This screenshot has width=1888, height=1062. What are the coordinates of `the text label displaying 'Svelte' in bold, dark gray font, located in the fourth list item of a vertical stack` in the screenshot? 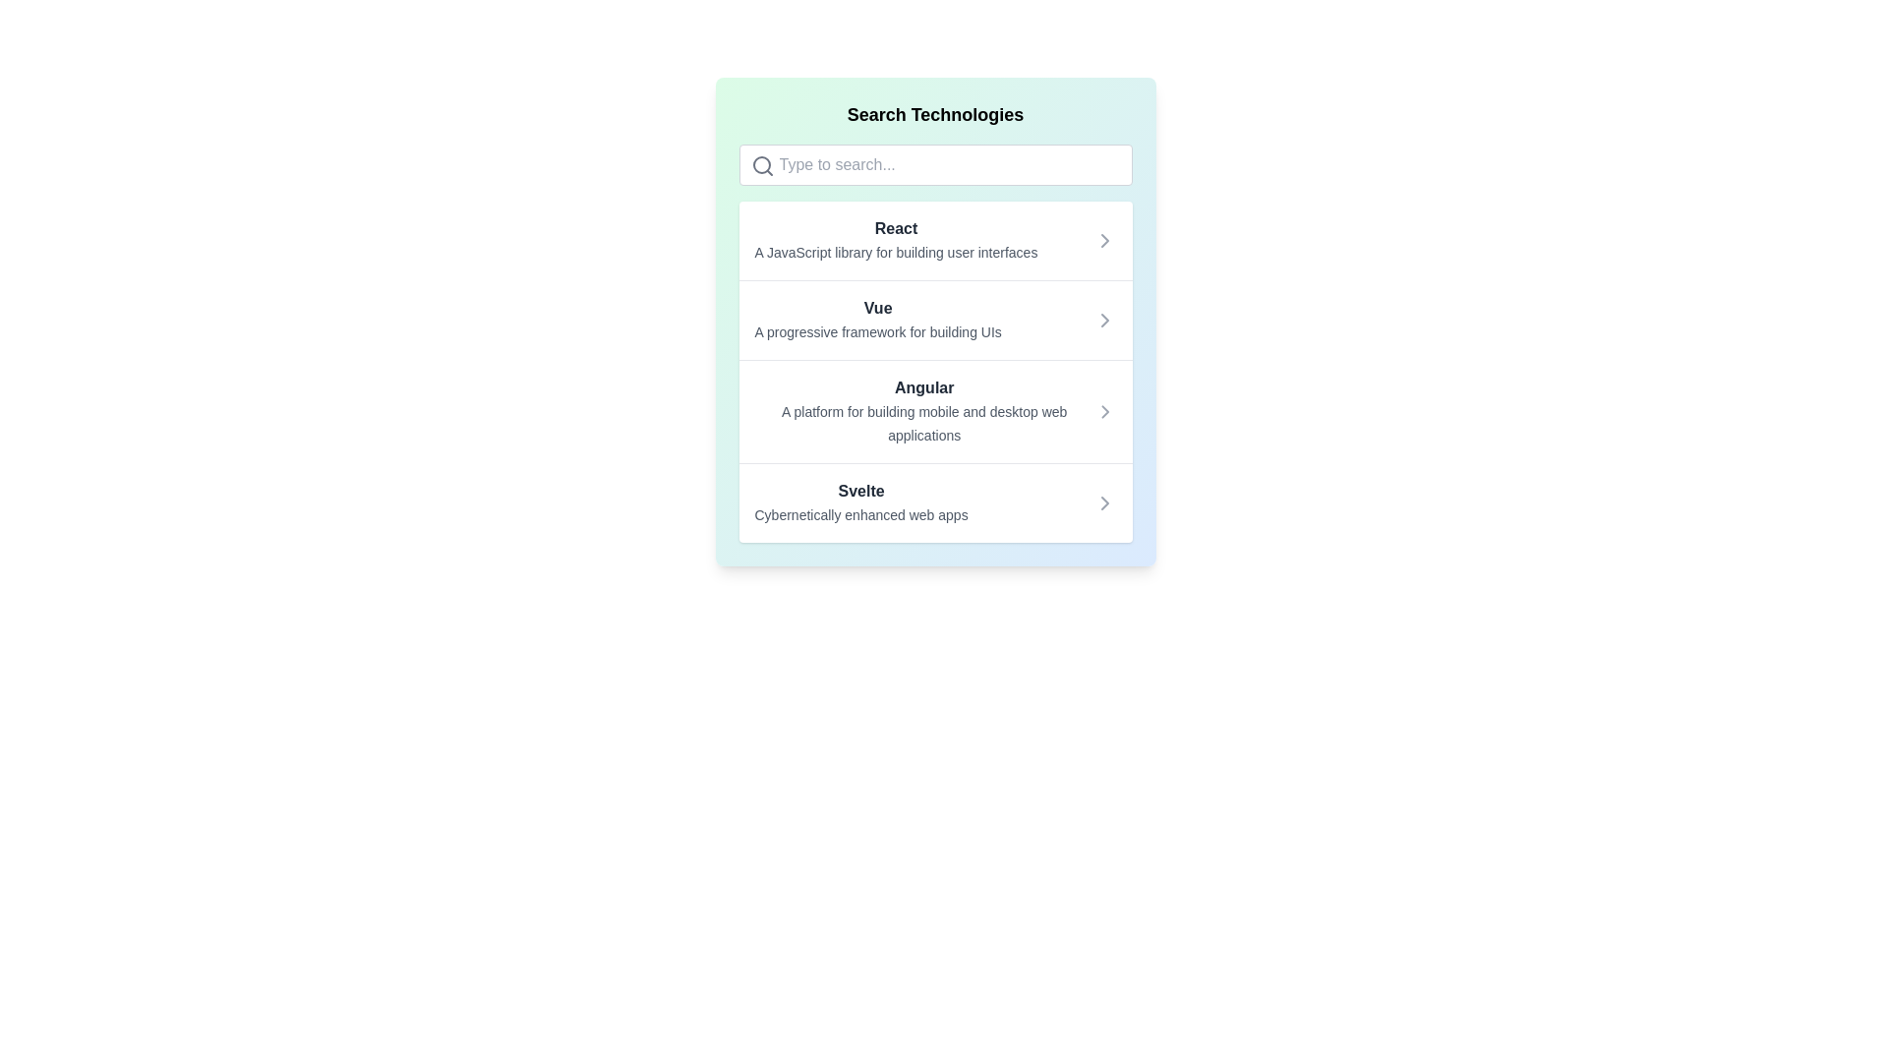 It's located at (861, 491).